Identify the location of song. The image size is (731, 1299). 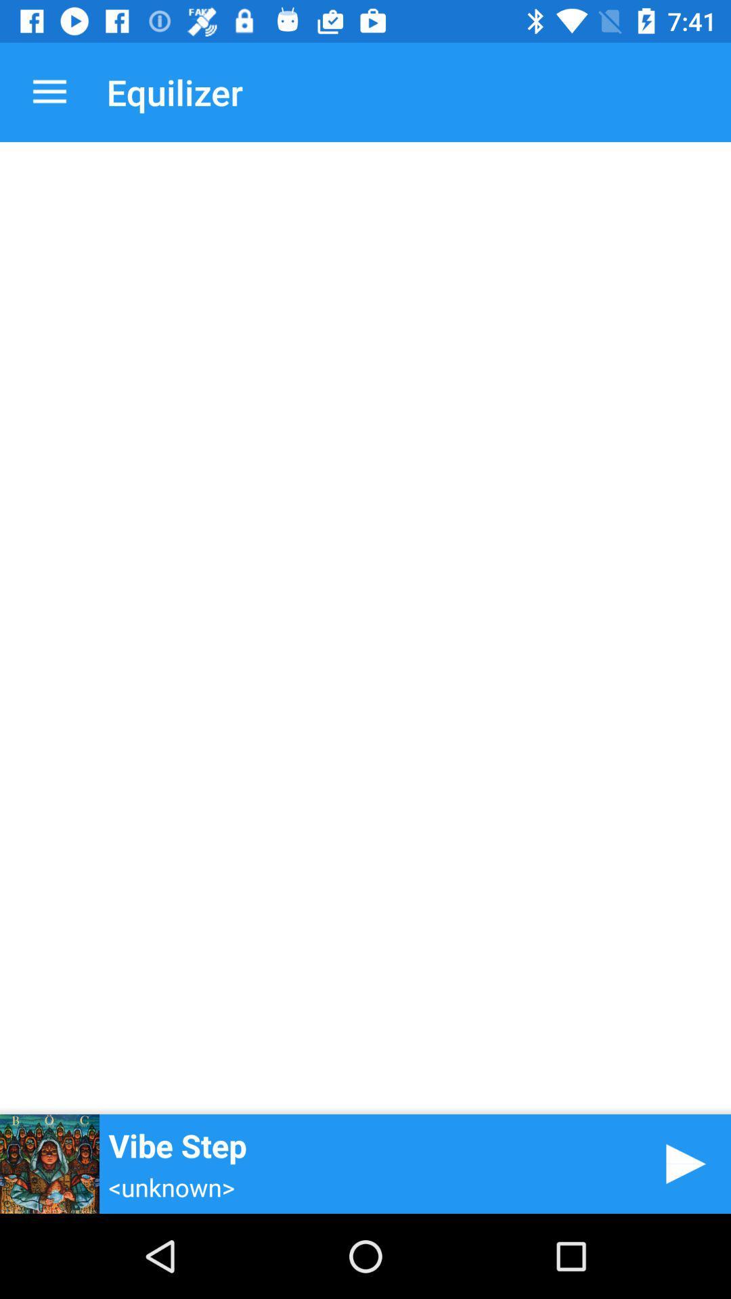
(681, 1163).